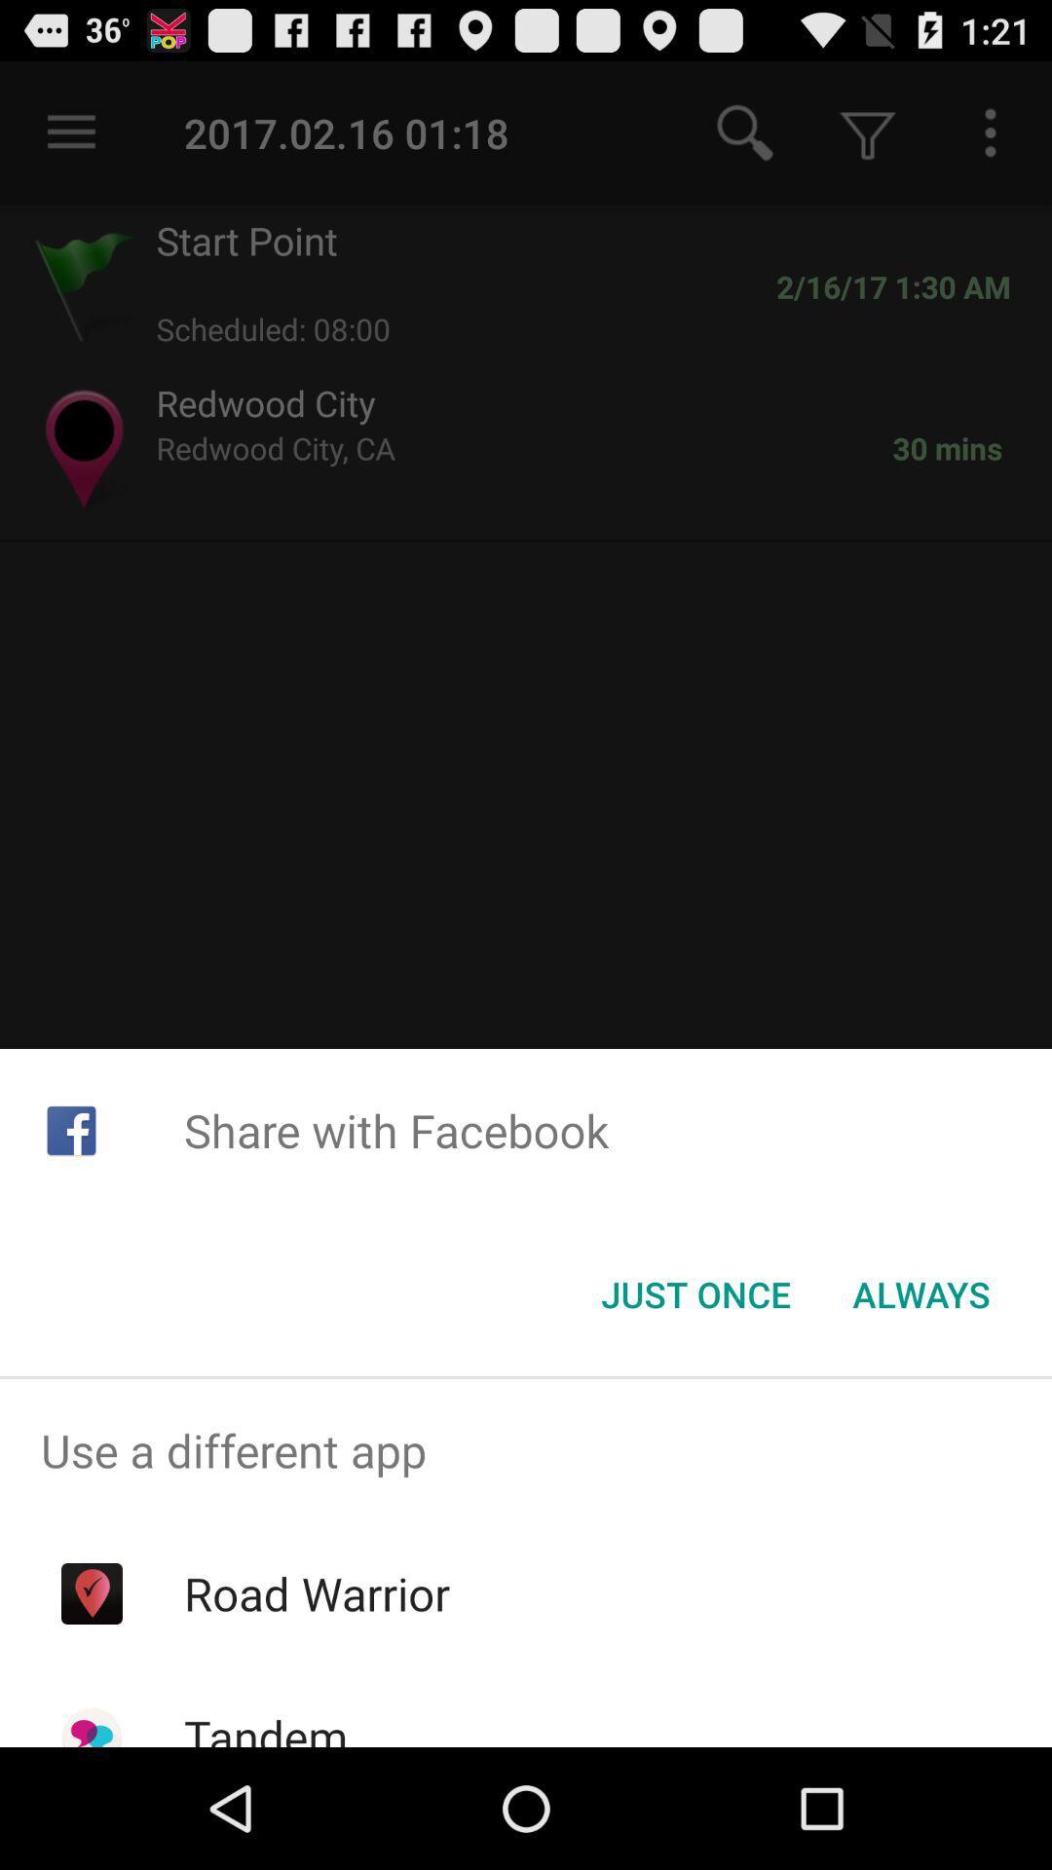  Describe the element at coordinates (526, 1450) in the screenshot. I see `the use a different item` at that location.